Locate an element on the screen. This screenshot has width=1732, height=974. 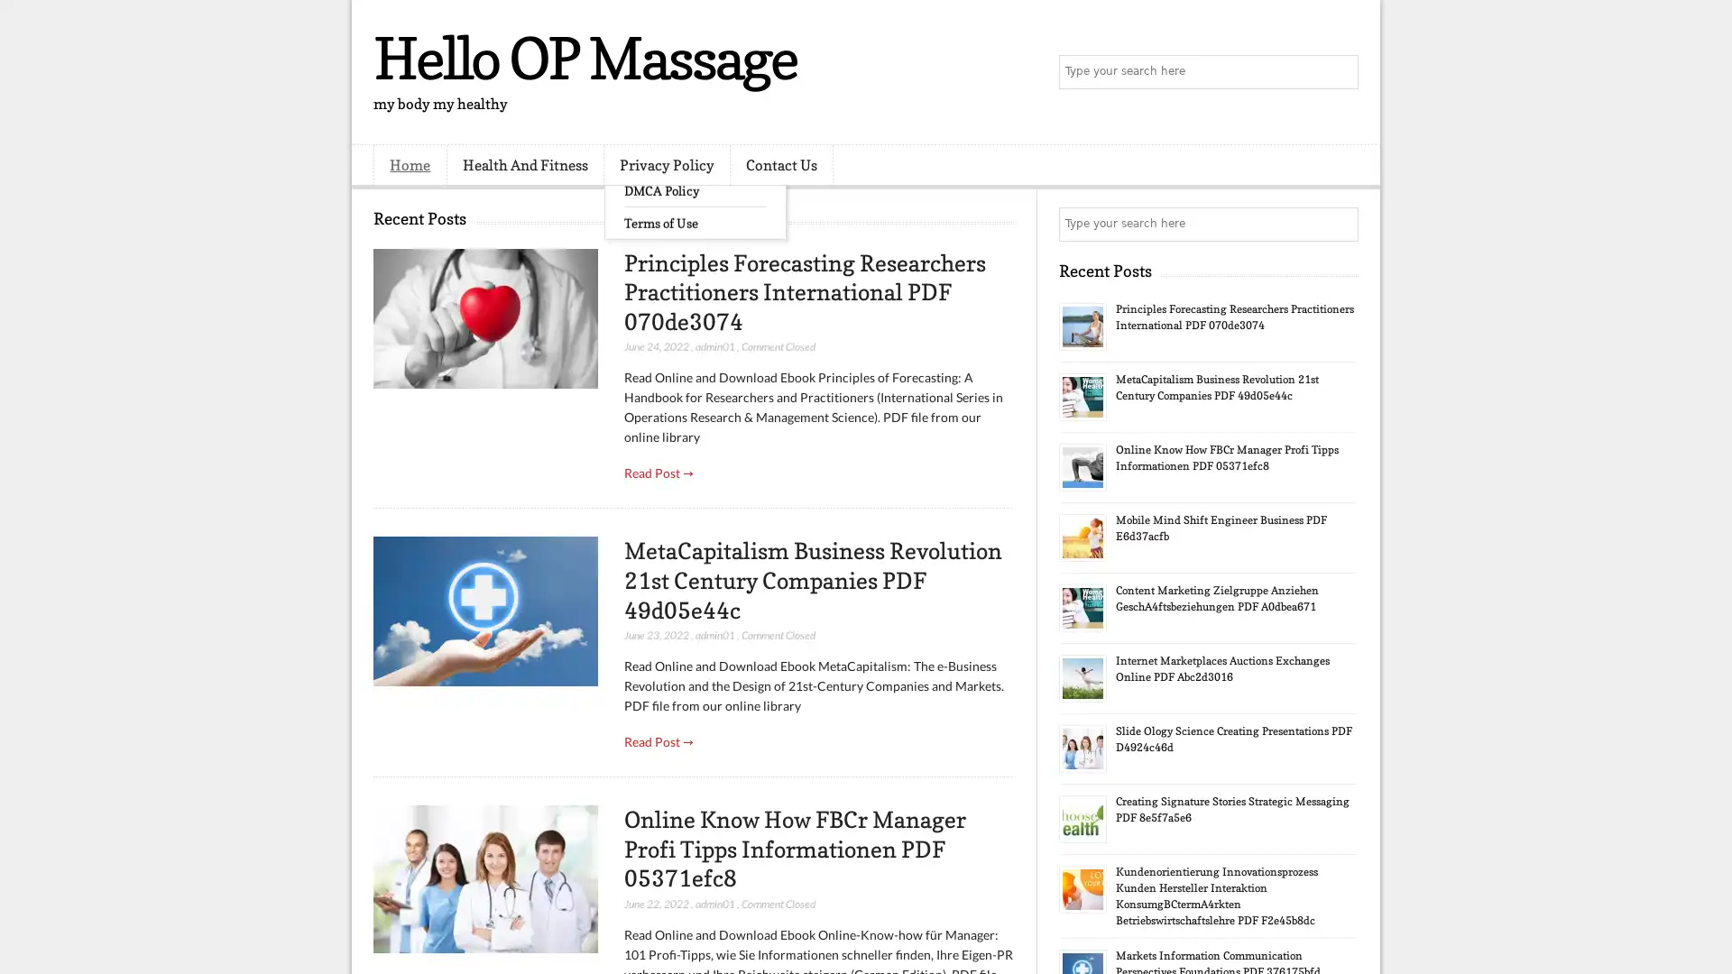
Search is located at coordinates (1340, 72).